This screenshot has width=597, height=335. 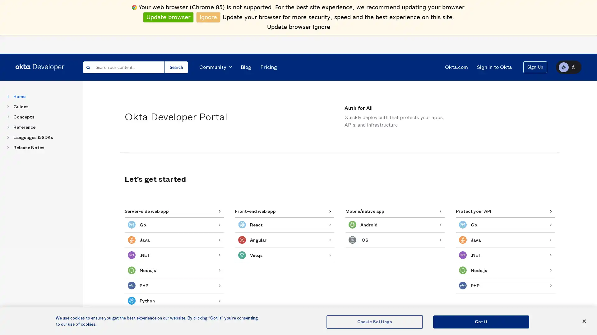 I want to click on Ignore, so click(x=208, y=17).